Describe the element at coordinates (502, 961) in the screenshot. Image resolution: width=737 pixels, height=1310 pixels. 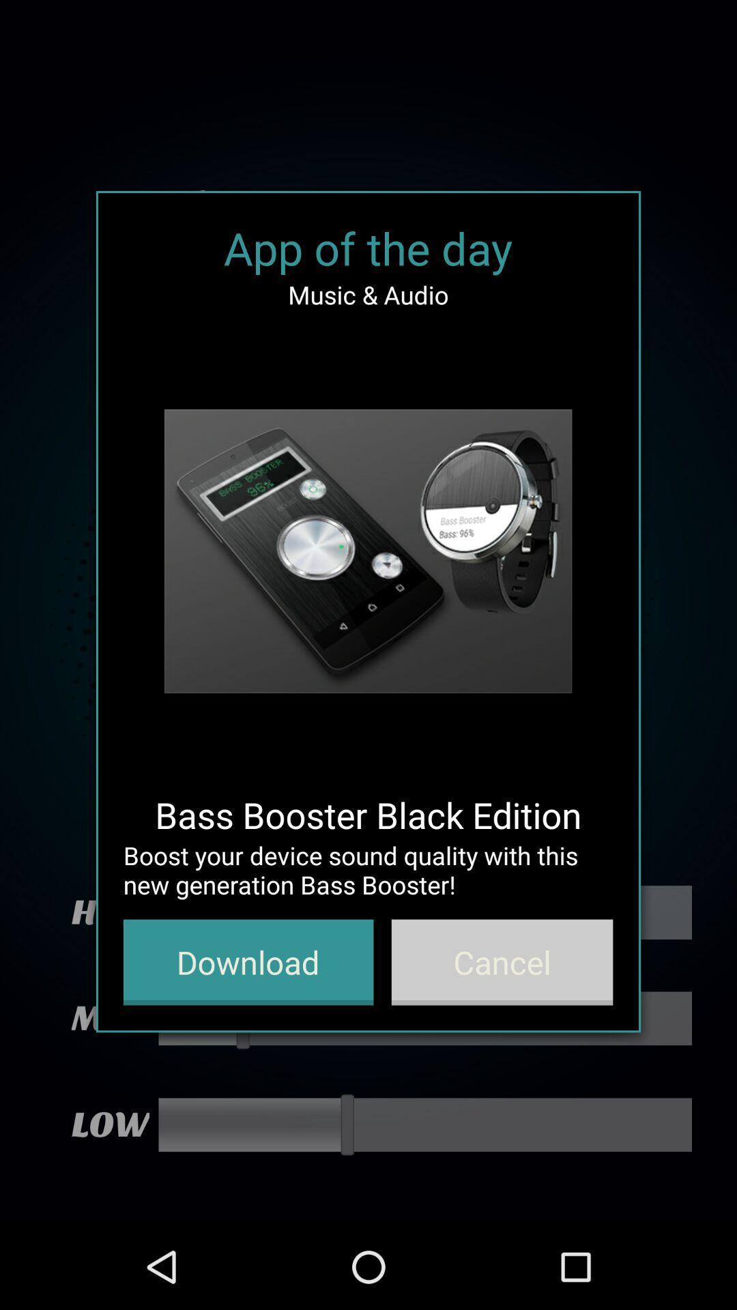
I see `the item at the bottom right corner` at that location.